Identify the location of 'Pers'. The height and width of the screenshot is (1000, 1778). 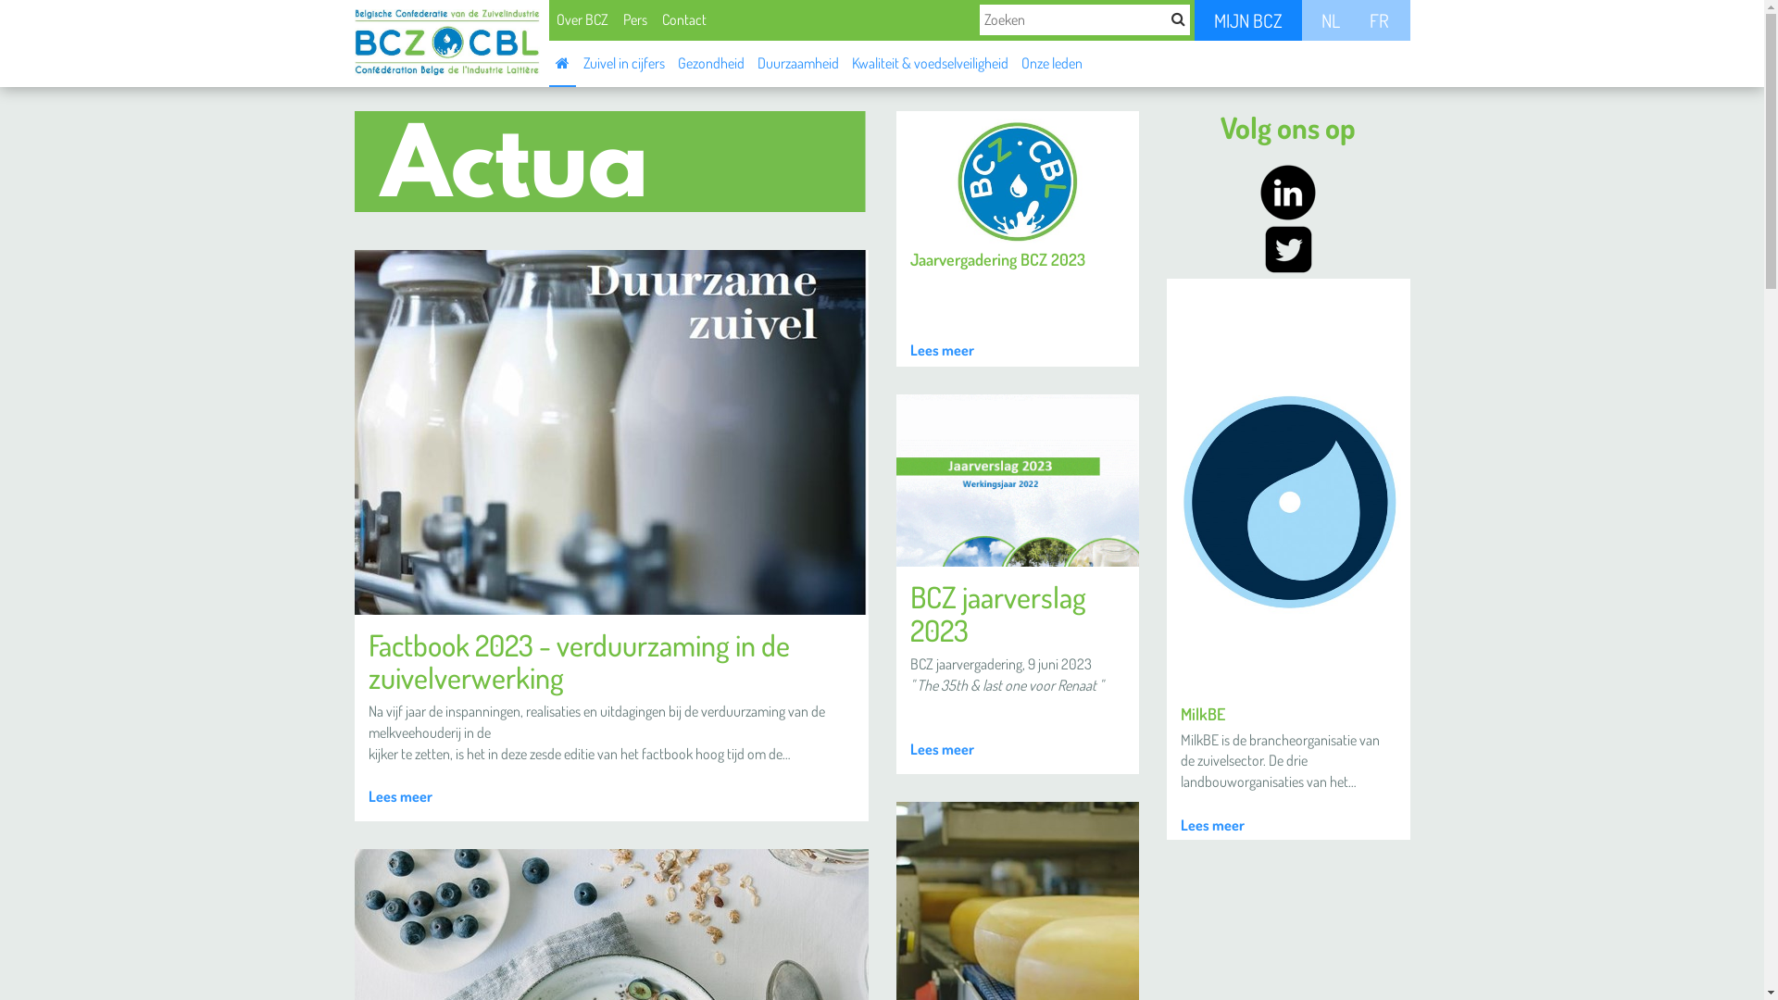
(634, 19).